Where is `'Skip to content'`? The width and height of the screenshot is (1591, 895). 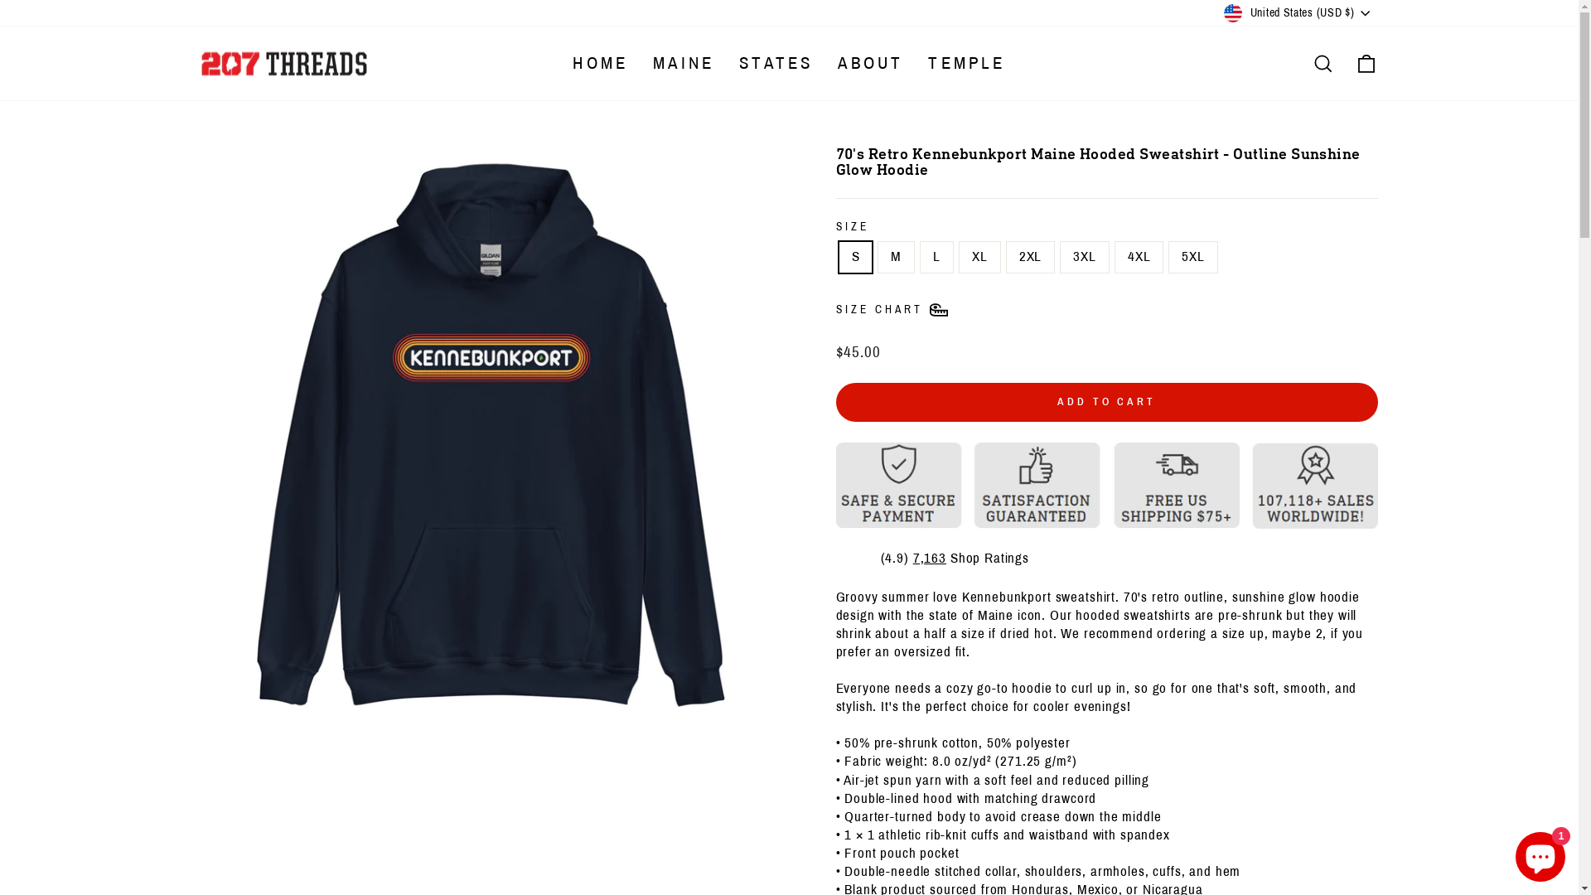 'Skip to content' is located at coordinates (0, 0).